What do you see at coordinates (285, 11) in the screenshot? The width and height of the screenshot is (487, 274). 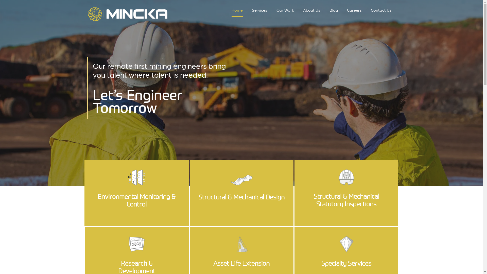 I see `'Our Work'` at bounding box center [285, 11].